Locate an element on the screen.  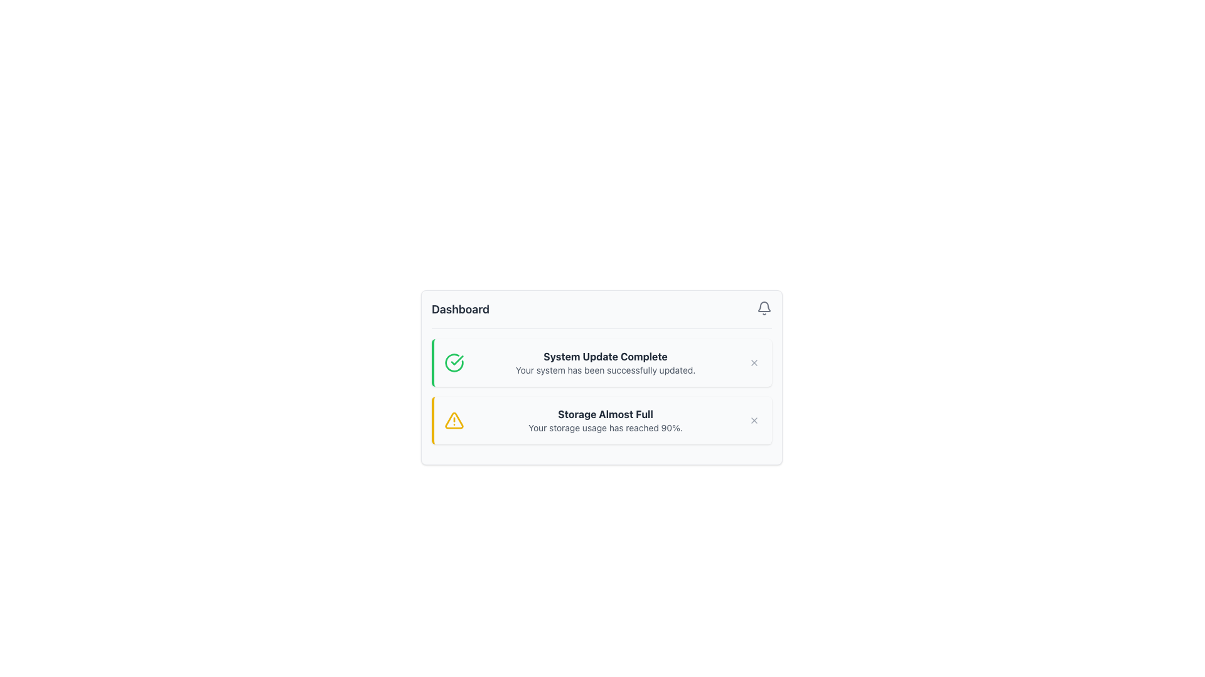
the text label that reads 'Your storage usage has reached 90%', which is styled in a smaller gray font and located beneath the larger text 'Storage Almost Full' within a card on the dashboard is located at coordinates (605, 427).